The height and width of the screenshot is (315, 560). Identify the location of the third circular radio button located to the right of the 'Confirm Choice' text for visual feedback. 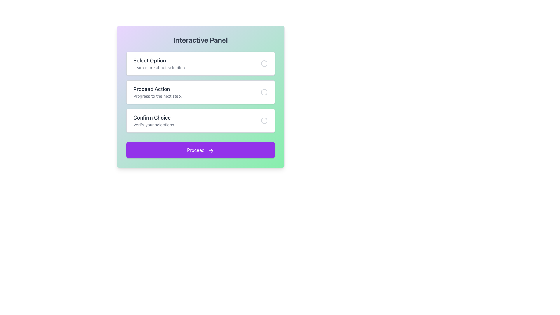
(264, 120).